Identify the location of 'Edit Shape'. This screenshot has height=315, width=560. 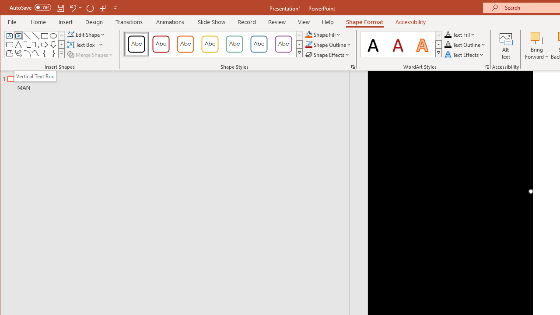
(87, 34).